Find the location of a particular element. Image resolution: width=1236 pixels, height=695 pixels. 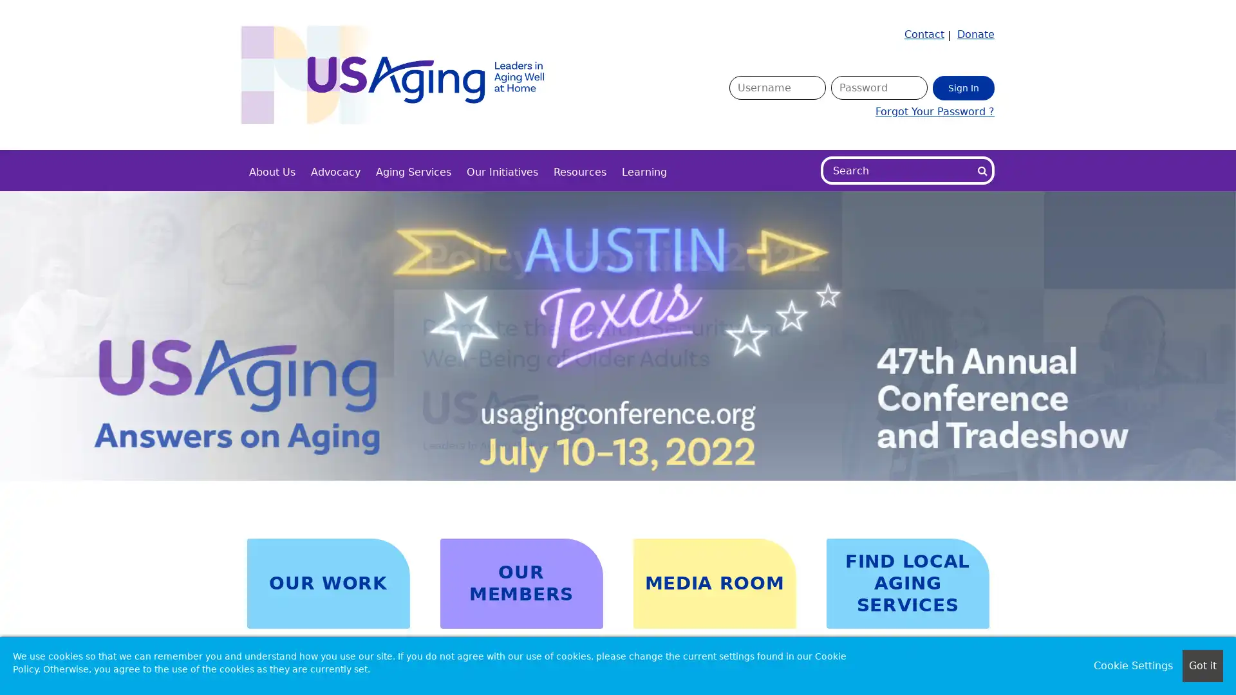

Cookie Settings is located at coordinates (1133, 665).